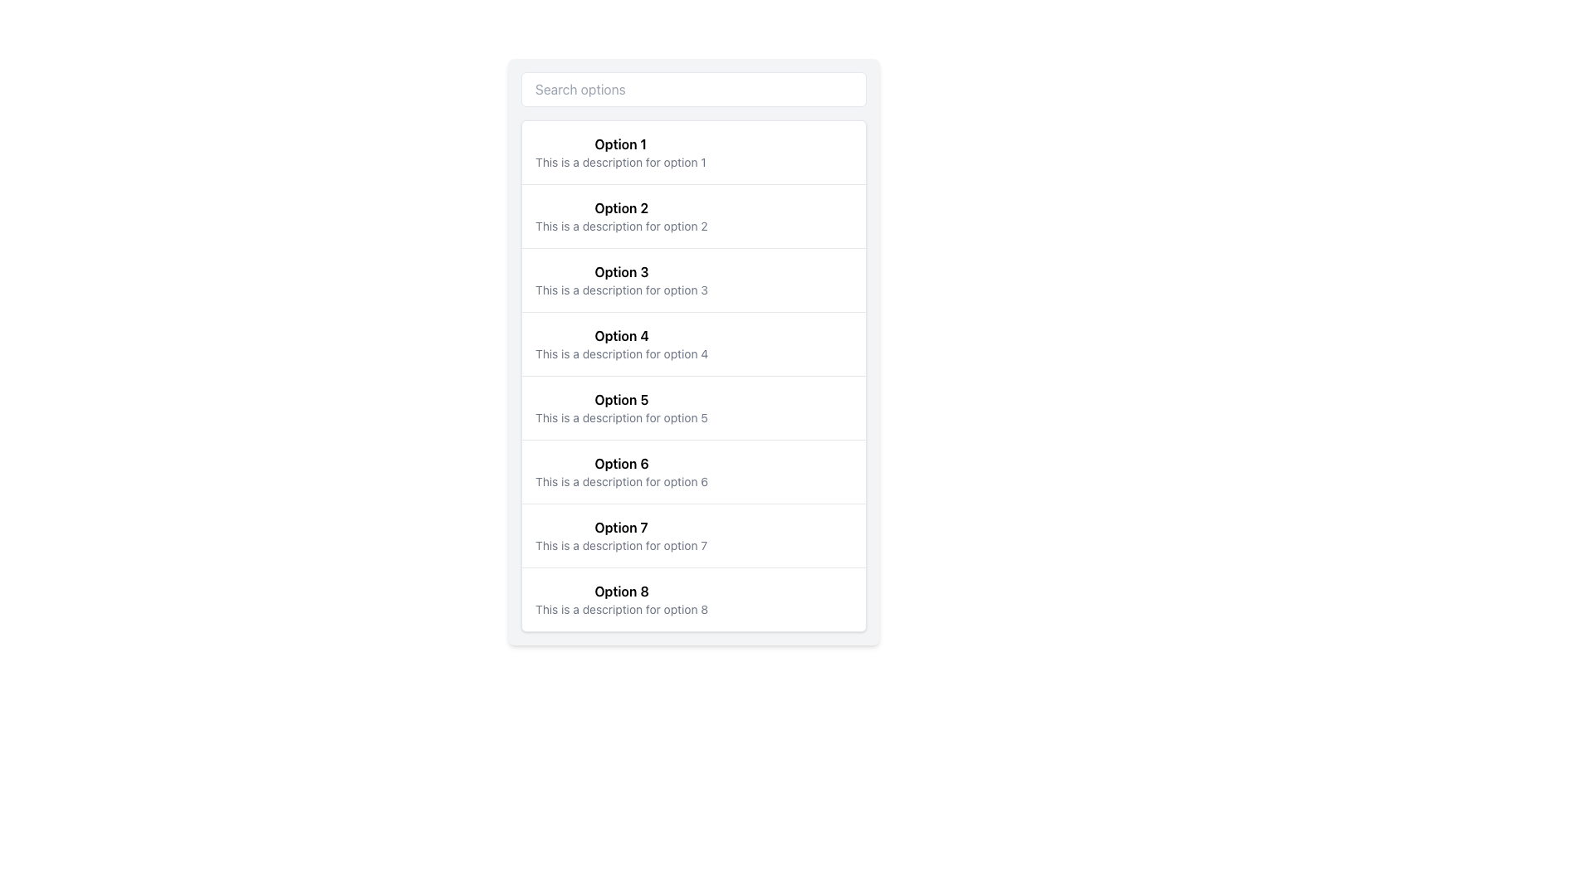  What do you see at coordinates (620, 535) in the screenshot?
I see `the seventh selectable list item located between 'Option 6' and 'Option 8' in the vertical list` at bounding box center [620, 535].